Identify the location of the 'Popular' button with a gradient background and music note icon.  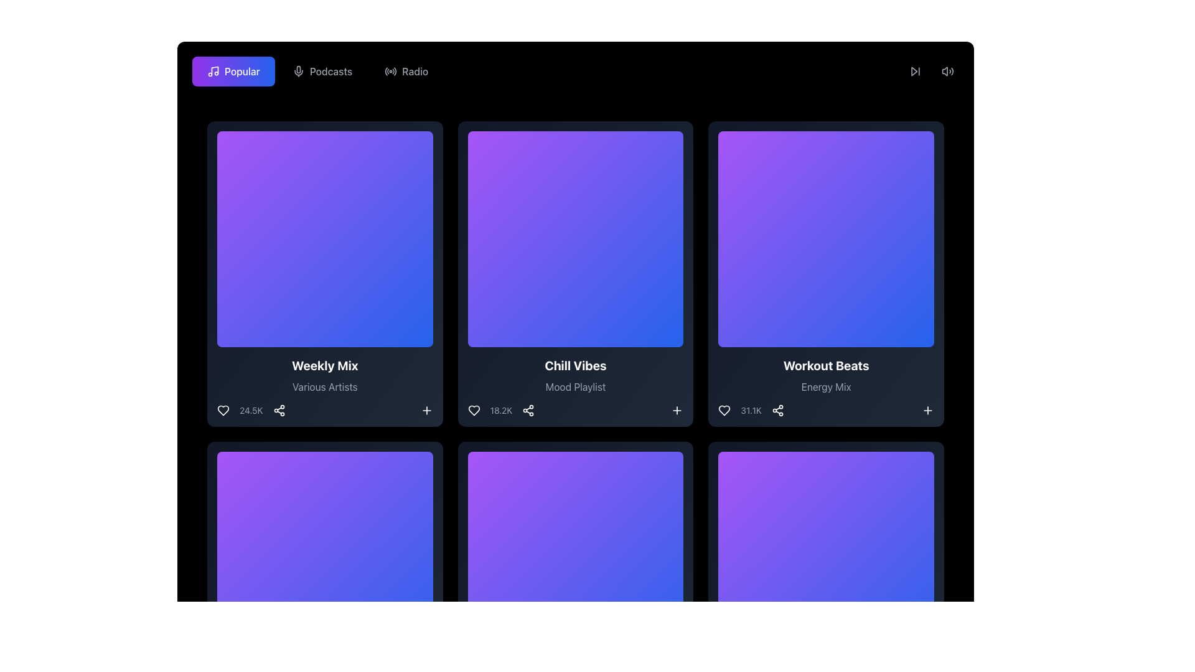
(233, 72).